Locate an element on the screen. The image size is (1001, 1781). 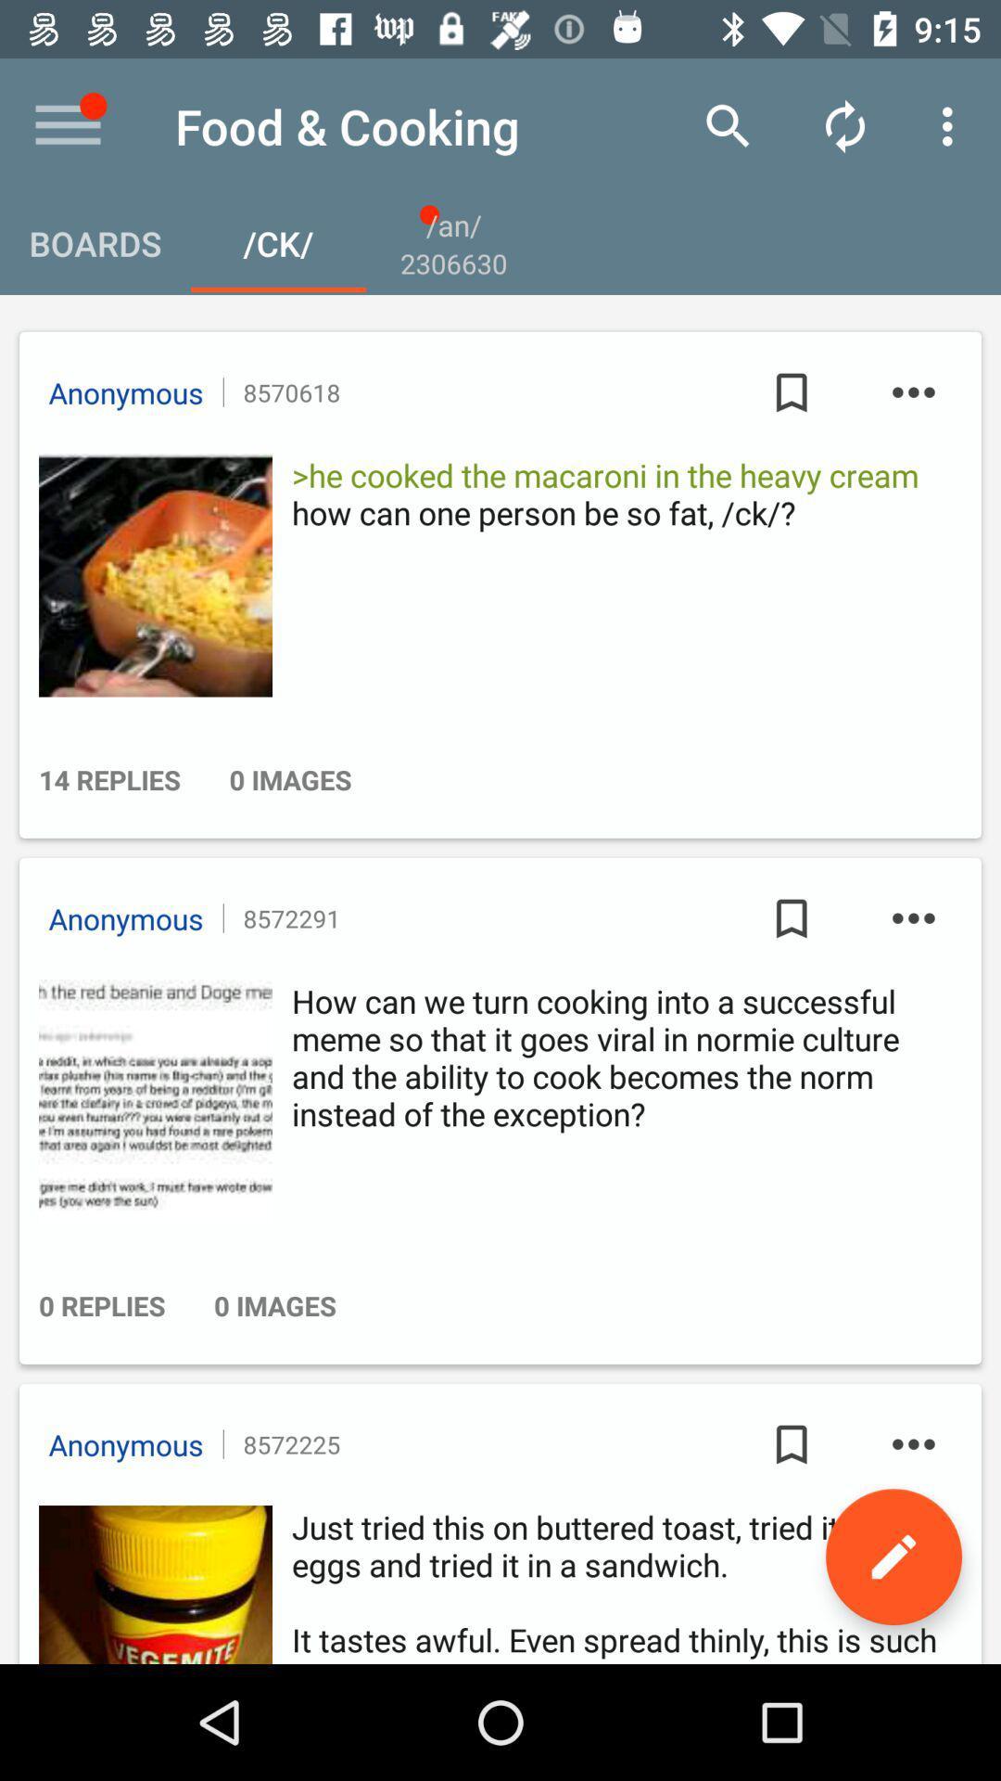
post is located at coordinates (149, 1101).